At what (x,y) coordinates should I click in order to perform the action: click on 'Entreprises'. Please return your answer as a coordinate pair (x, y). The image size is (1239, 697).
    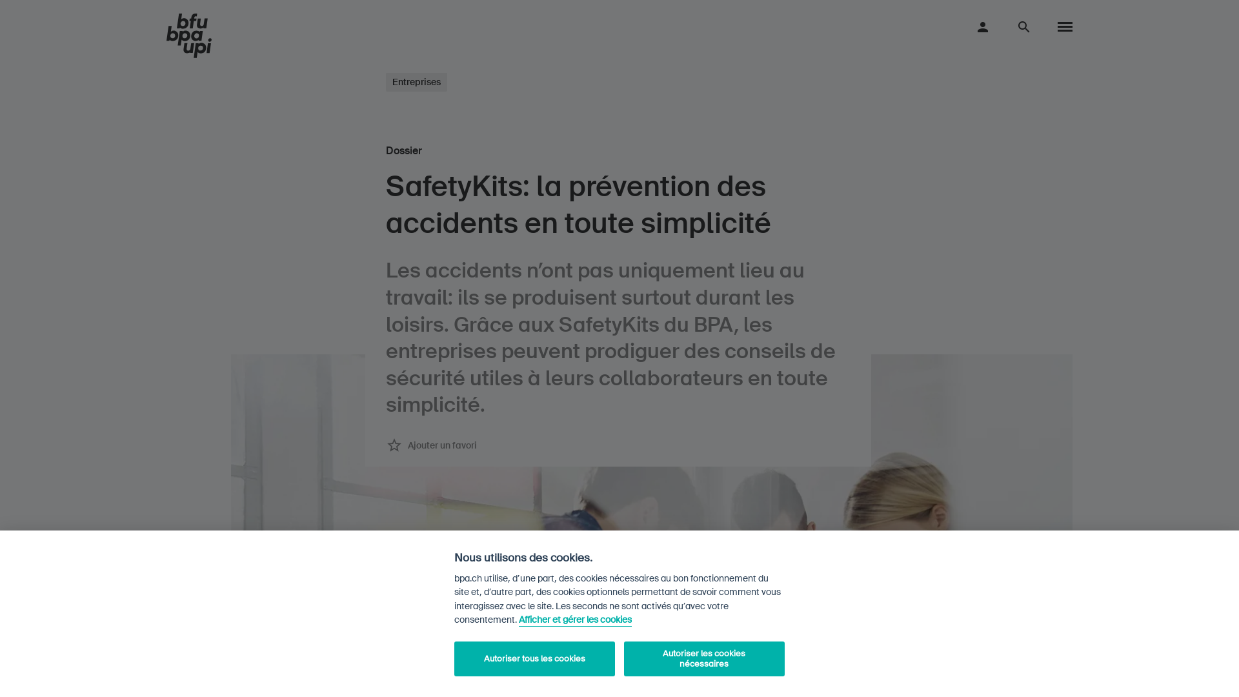
    Looking at the image, I should click on (385, 82).